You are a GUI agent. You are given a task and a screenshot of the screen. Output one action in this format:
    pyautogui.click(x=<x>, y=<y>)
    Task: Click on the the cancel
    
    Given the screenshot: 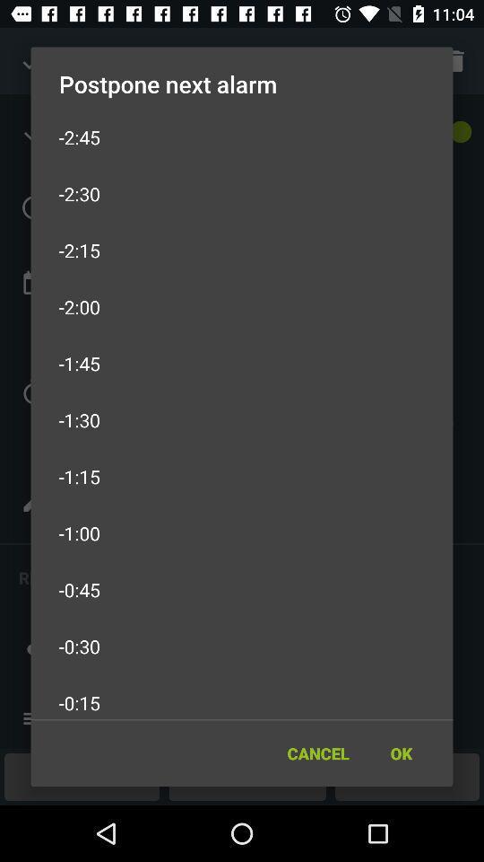 What is the action you would take?
    pyautogui.click(x=317, y=753)
    